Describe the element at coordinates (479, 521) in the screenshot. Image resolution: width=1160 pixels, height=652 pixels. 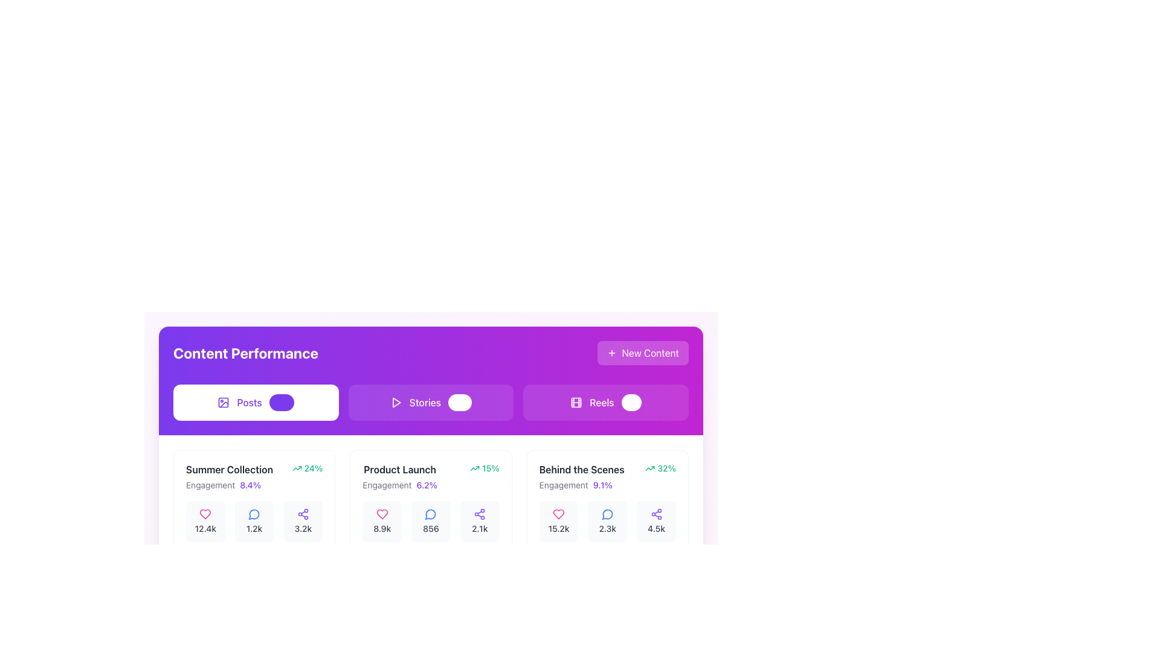
I see `the Informational widget displaying the share count (2.1k) for the 'Product Launch' content type, located under the 'Stories' tab in the 'Content Performance' panel` at that location.